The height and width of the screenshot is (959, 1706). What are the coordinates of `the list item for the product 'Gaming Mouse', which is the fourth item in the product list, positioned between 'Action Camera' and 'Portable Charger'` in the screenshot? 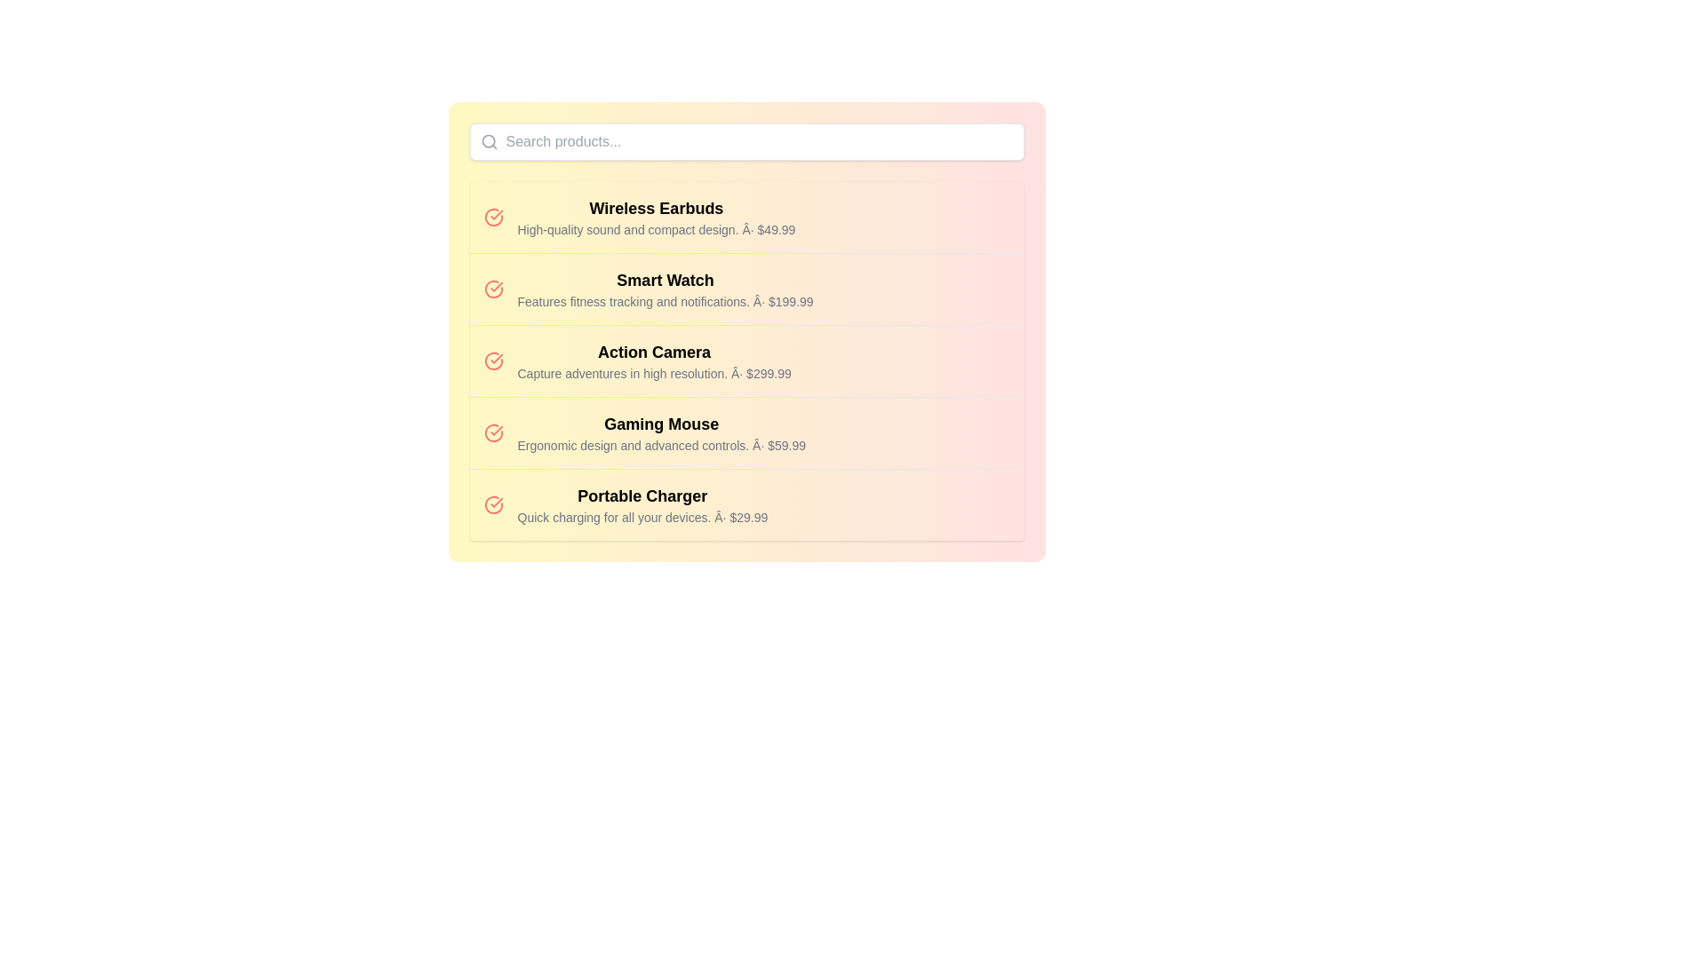 It's located at (746, 432).